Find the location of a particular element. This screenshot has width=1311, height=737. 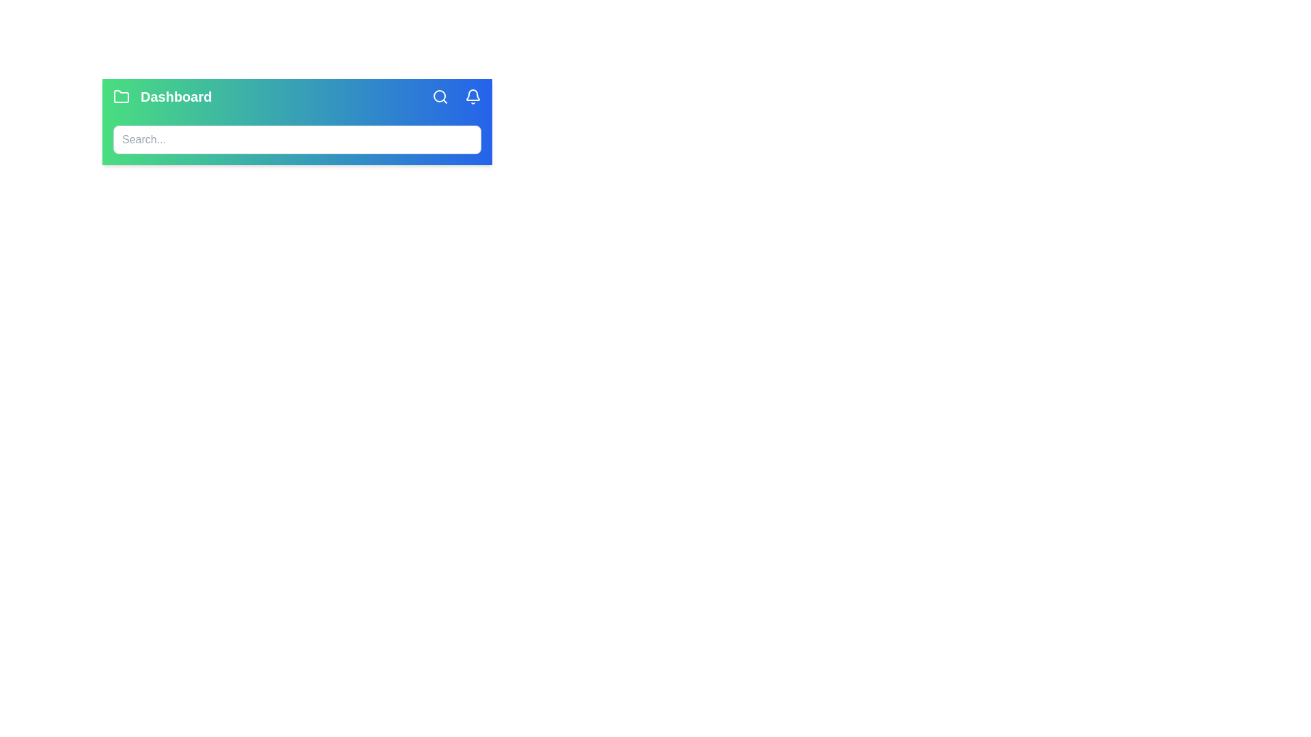

the search icon to toggle the visibility of the search bar is located at coordinates (440, 96).